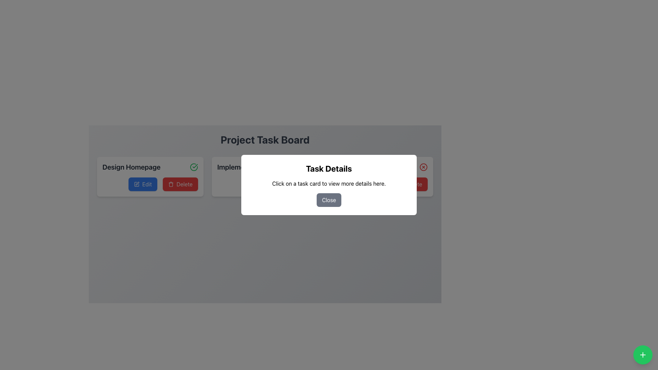 The height and width of the screenshot is (370, 658). What do you see at coordinates (150, 167) in the screenshot?
I see `the 'Design Homepage' text with the adjacent green checkmark icon located at the top-left of the task card interface` at bounding box center [150, 167].